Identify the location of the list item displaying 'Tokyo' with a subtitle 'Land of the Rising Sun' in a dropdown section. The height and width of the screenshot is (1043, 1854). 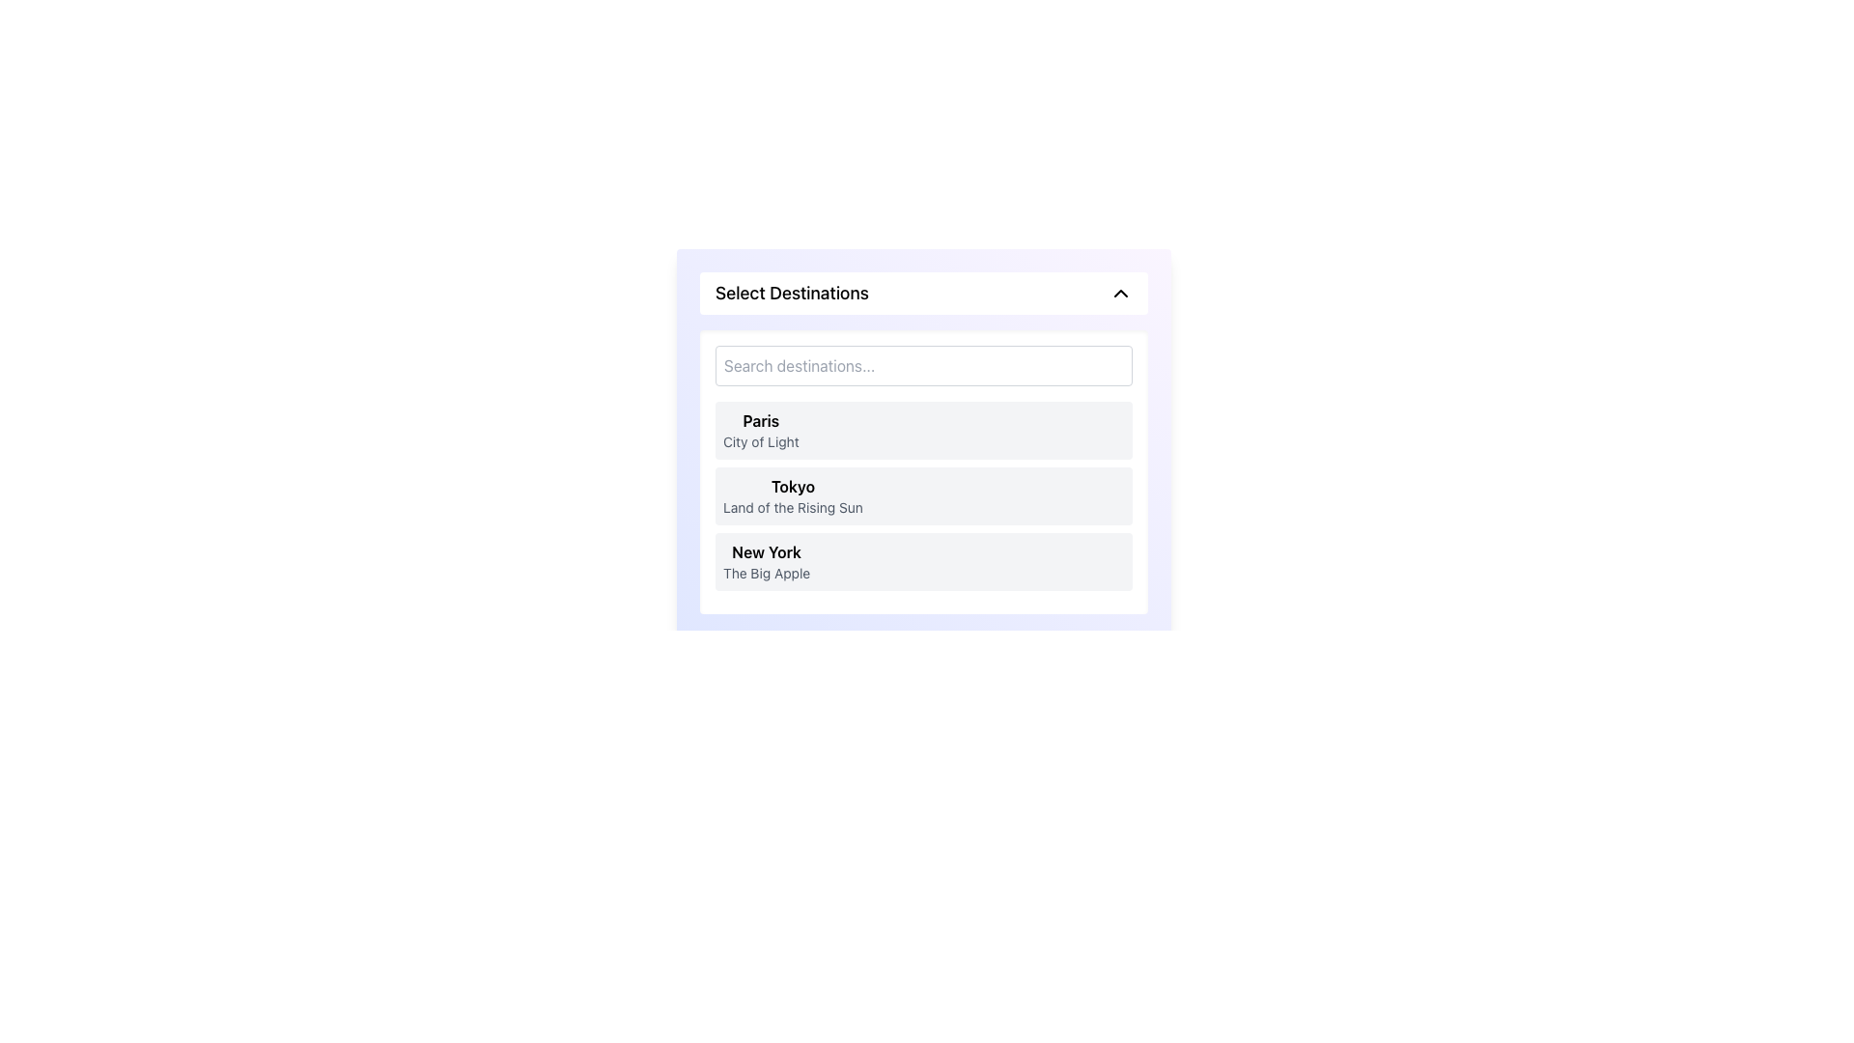
(922, 472).